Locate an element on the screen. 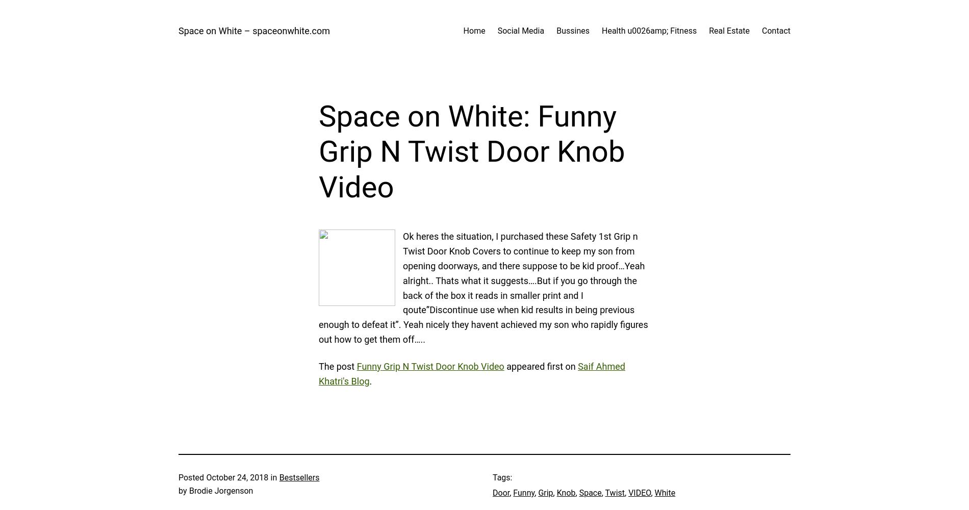  'Brodie Jorgenson' is located at coordinates (220, 490).